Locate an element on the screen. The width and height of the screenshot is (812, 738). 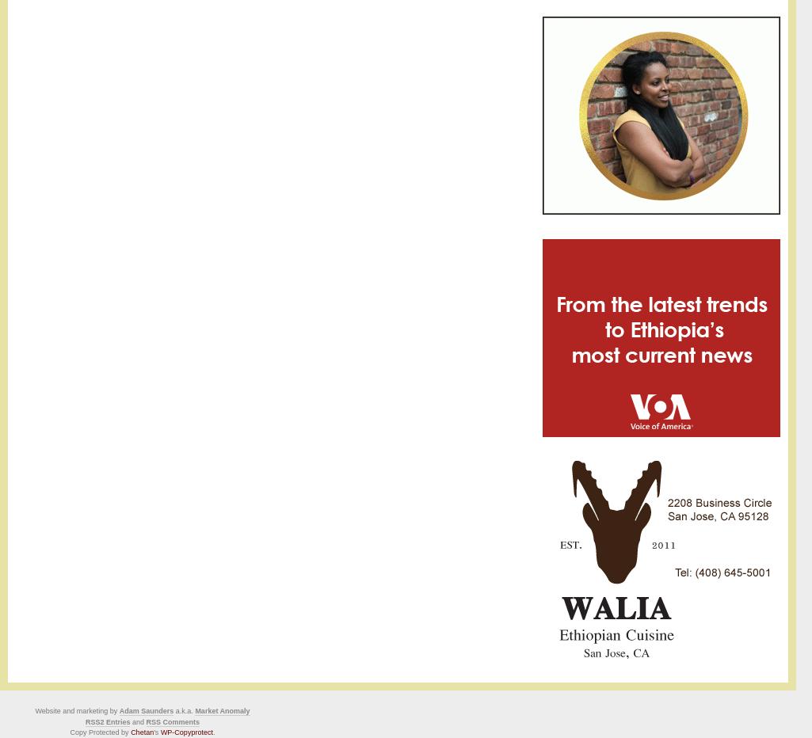
'Copy Protected by' is located at coordinates (69, 732).